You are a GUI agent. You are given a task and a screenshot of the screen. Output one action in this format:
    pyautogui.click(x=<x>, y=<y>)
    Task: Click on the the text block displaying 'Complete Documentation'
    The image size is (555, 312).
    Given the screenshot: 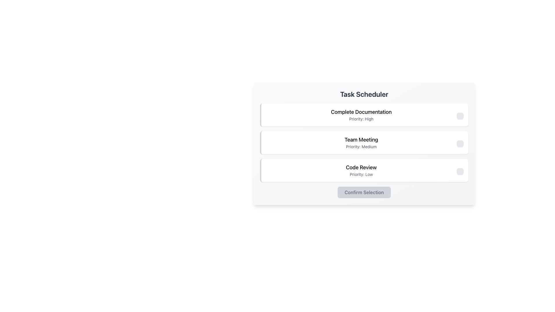 What is the action you would take?
    pyautogui.click(x=361, y=115)
    